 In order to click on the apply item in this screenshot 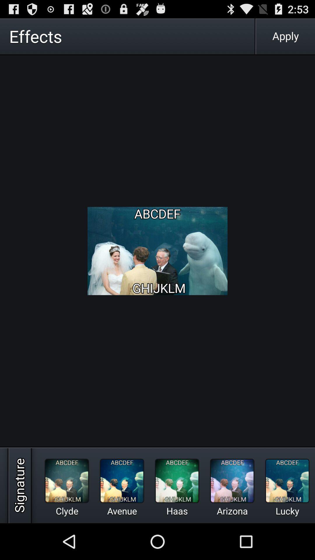, I will do `click(285, 36)`.